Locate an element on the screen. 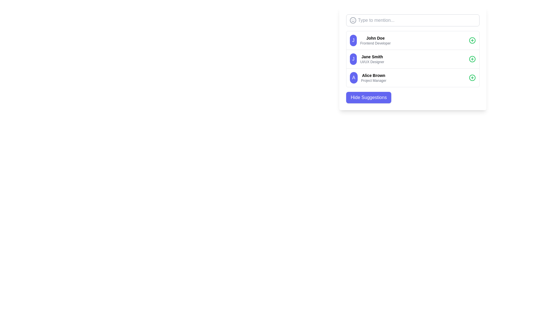 The image size is (552, 310). the action button located at the far-right side of the row labeled 'John Doe Frontend Developer' is located at coordinates (472, 40).